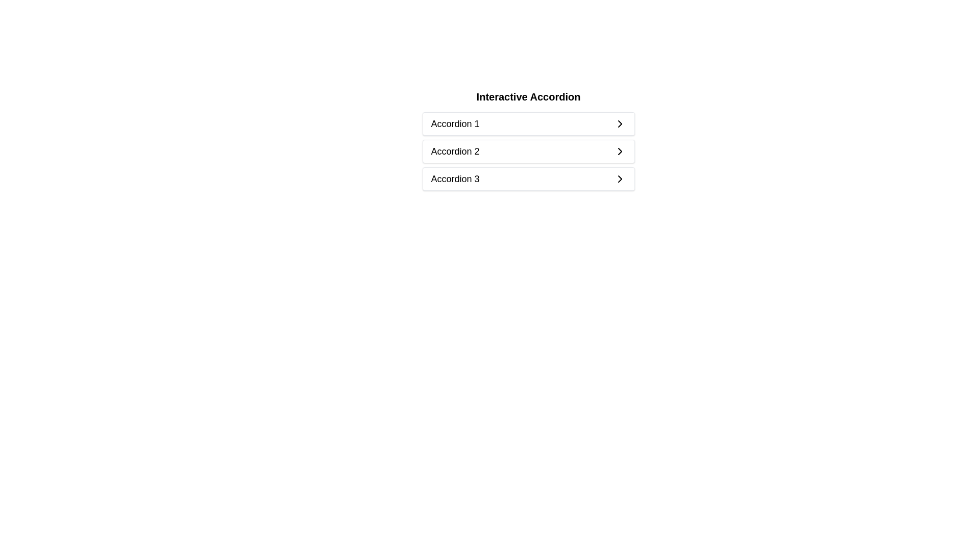  Describe the element at coordinates (619, 179) in the screenshot. I see `the rightward-pointing chevron icon in the 'Accordion 3' section` at that location.